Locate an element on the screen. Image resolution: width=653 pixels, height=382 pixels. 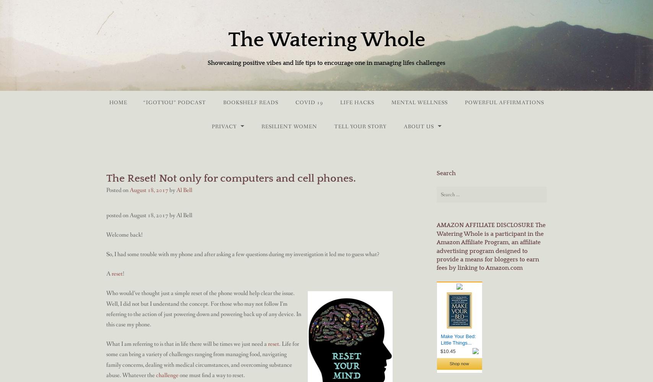
'!' is located at coordinates (123, 274).